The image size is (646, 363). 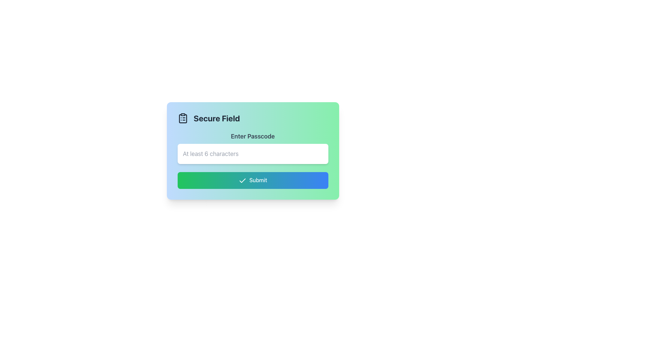 I want to click on the checkmark icon with a thin white stroke located near the left edge of the 'Submit' button, which is below a text input field, so click(x=242, y=180).